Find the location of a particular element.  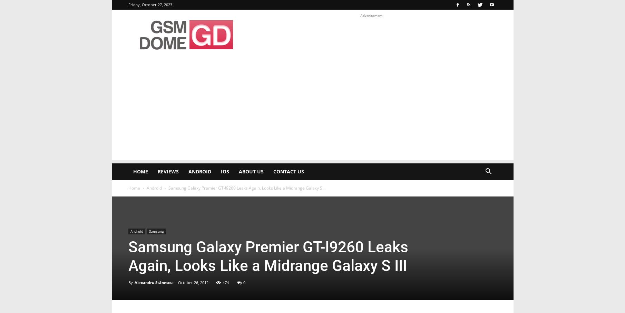

'Advertisement' is located at coordinates (371, 16).